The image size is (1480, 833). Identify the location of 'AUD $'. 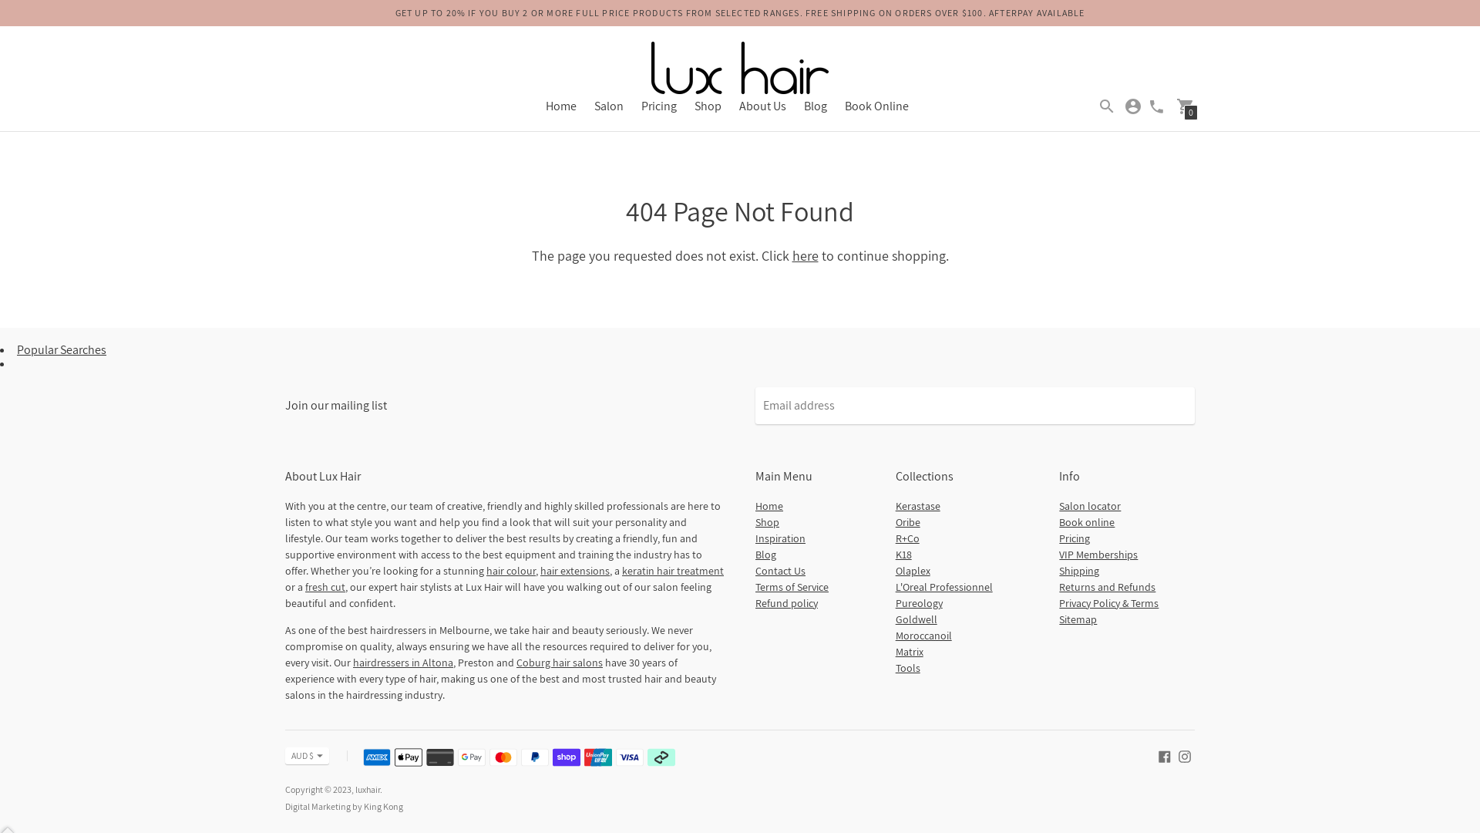
(307, 754).